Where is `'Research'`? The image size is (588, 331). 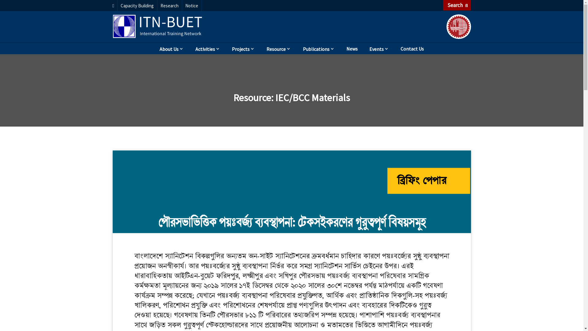 'Research' is located at coordinates (170, 6).